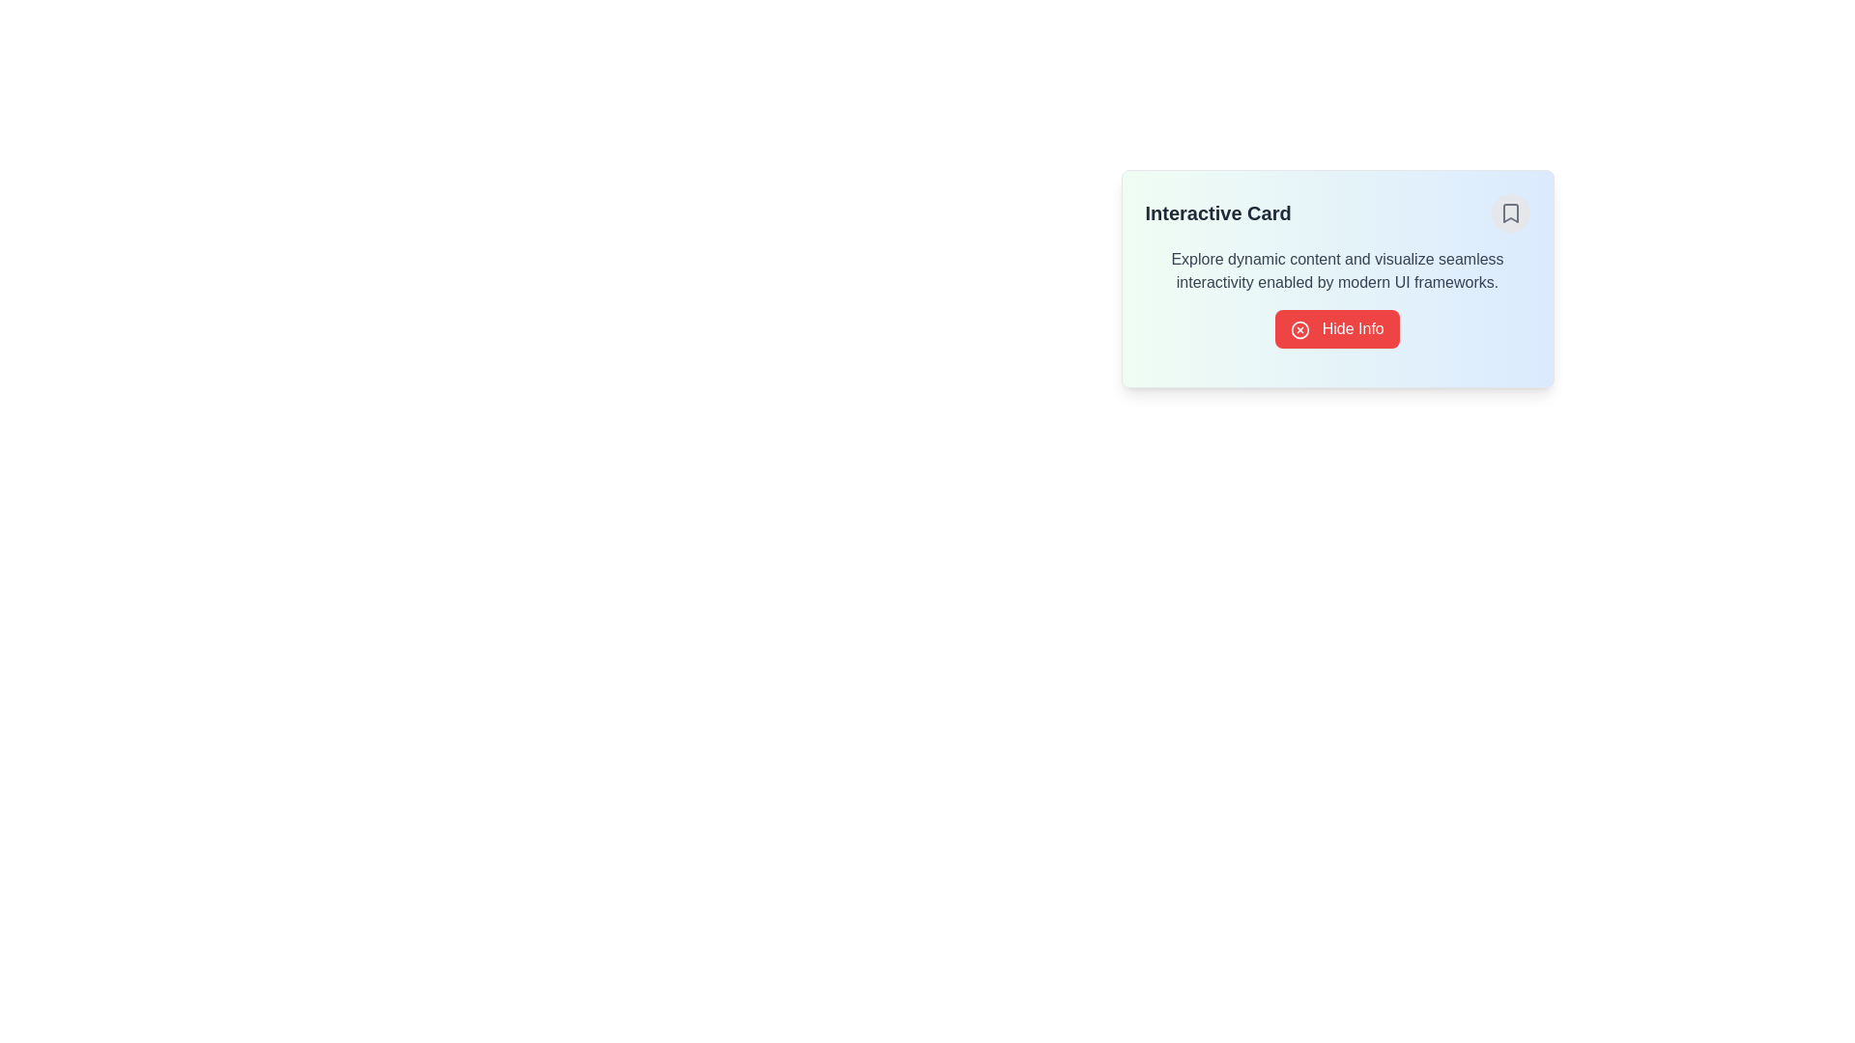 This screenshot has width=1855, height=1043. Describe the element at coordinates (1217, 212) in the screenshot. I see `the bold text label 'Interactive Card' located at the top-left corner of the card component, which is styled in dark gray and is the main title of the card` at that location.